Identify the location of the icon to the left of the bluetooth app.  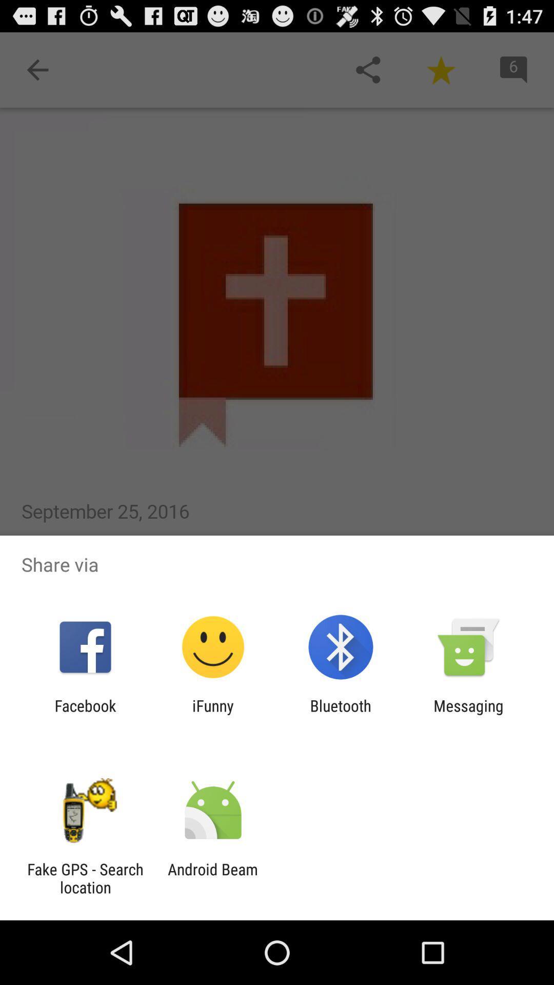
(212, 714).